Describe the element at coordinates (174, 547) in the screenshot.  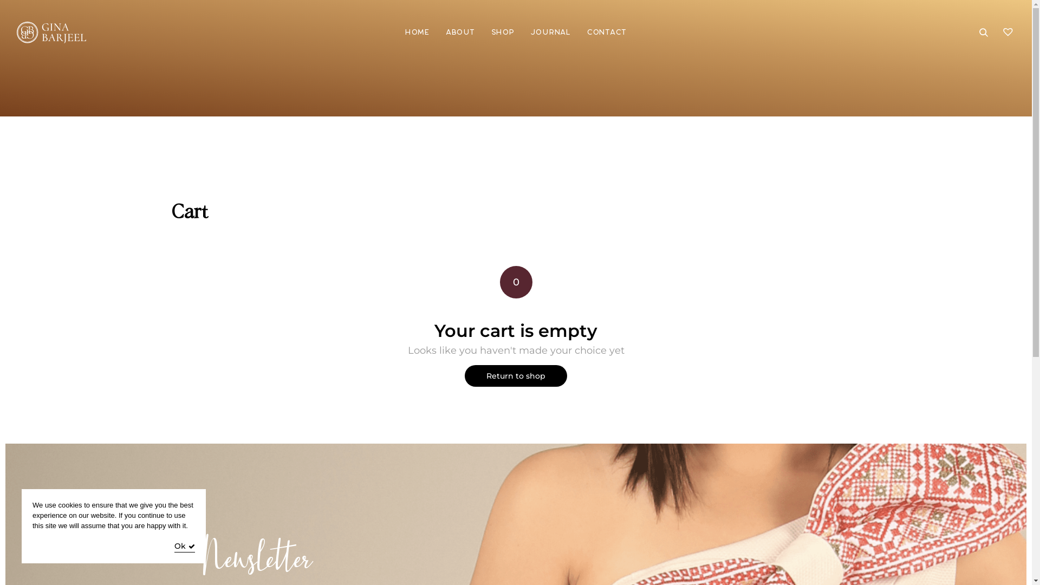
I see `'Ok'` at that location.